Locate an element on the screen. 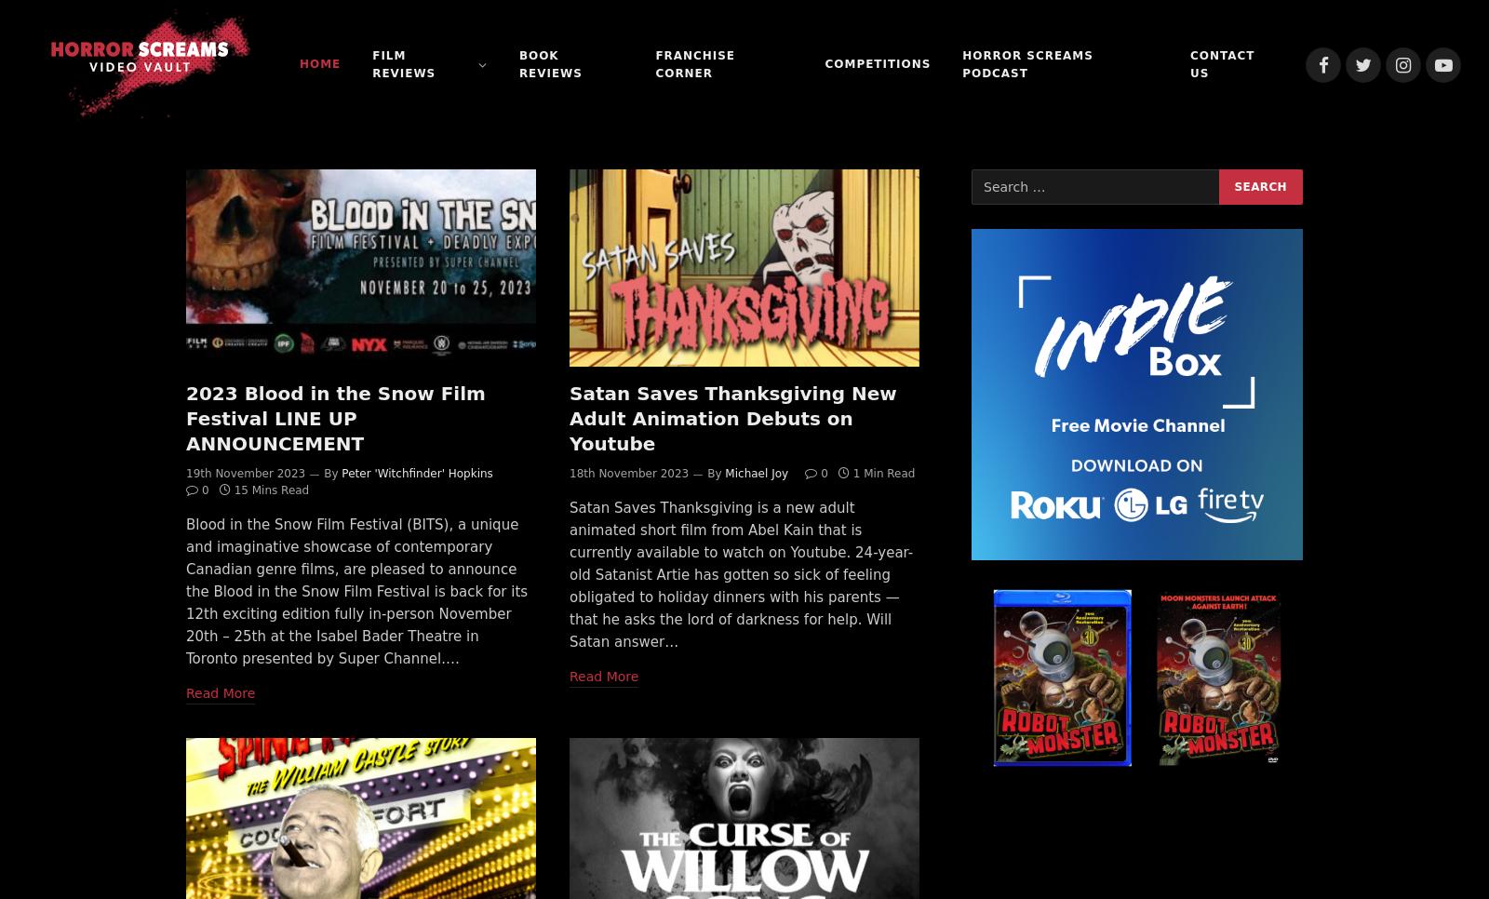  'Home' is located at coordinates (320, 63).